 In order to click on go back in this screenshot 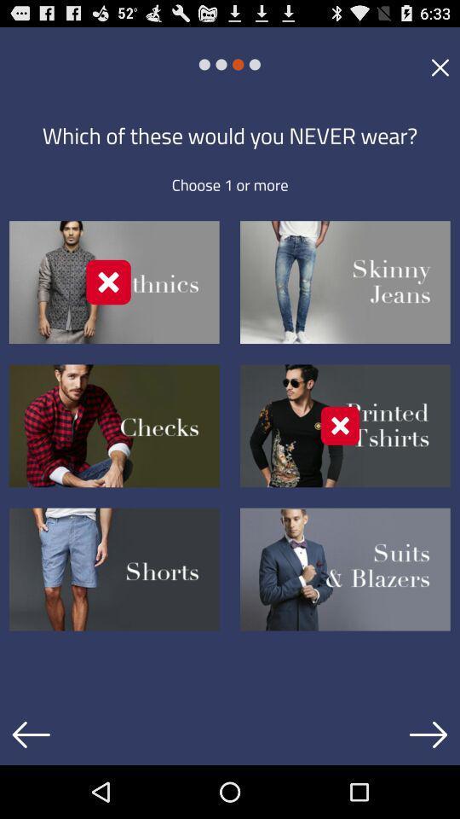, I will do `click(31, 734)`.